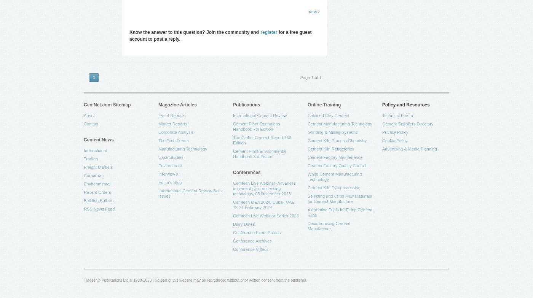 The width and height of the screenshot is (533, 298). Describe the element at coordinates (382, 124) in the screenshot. I see `'Cement Suppliers Directory'` at that location.